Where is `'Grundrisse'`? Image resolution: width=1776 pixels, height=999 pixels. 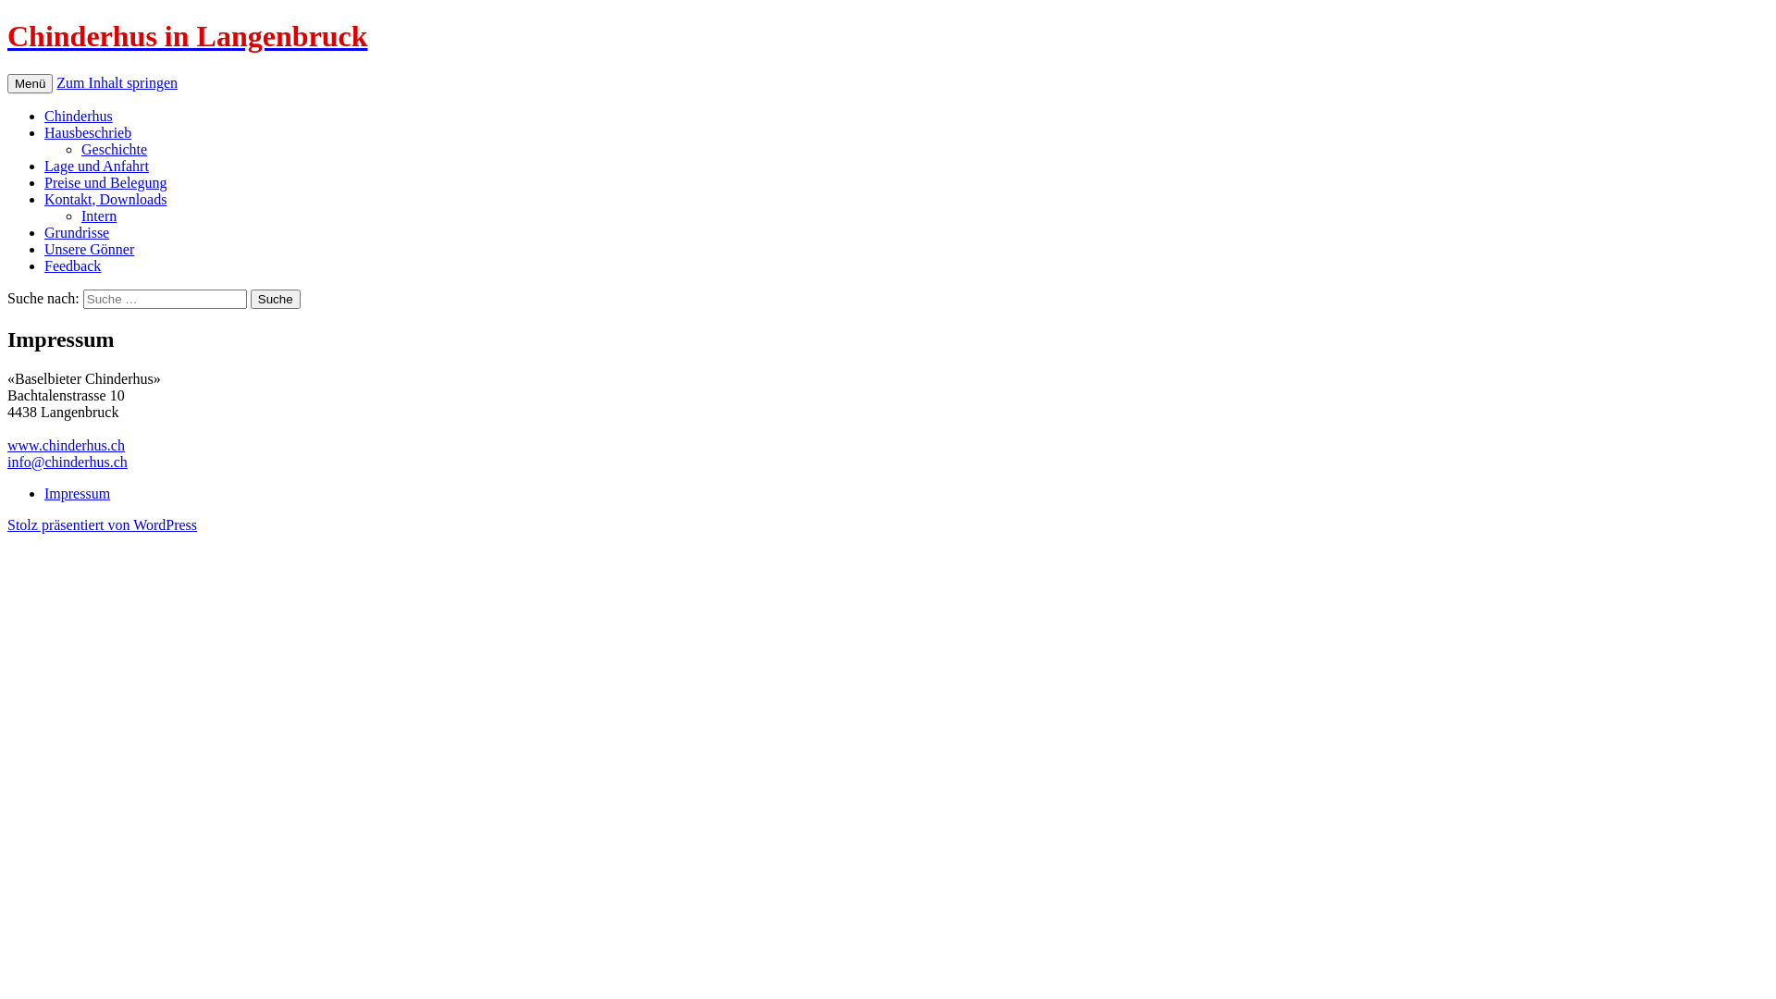 'Grundrisse' is located at coordinates (75, 231).